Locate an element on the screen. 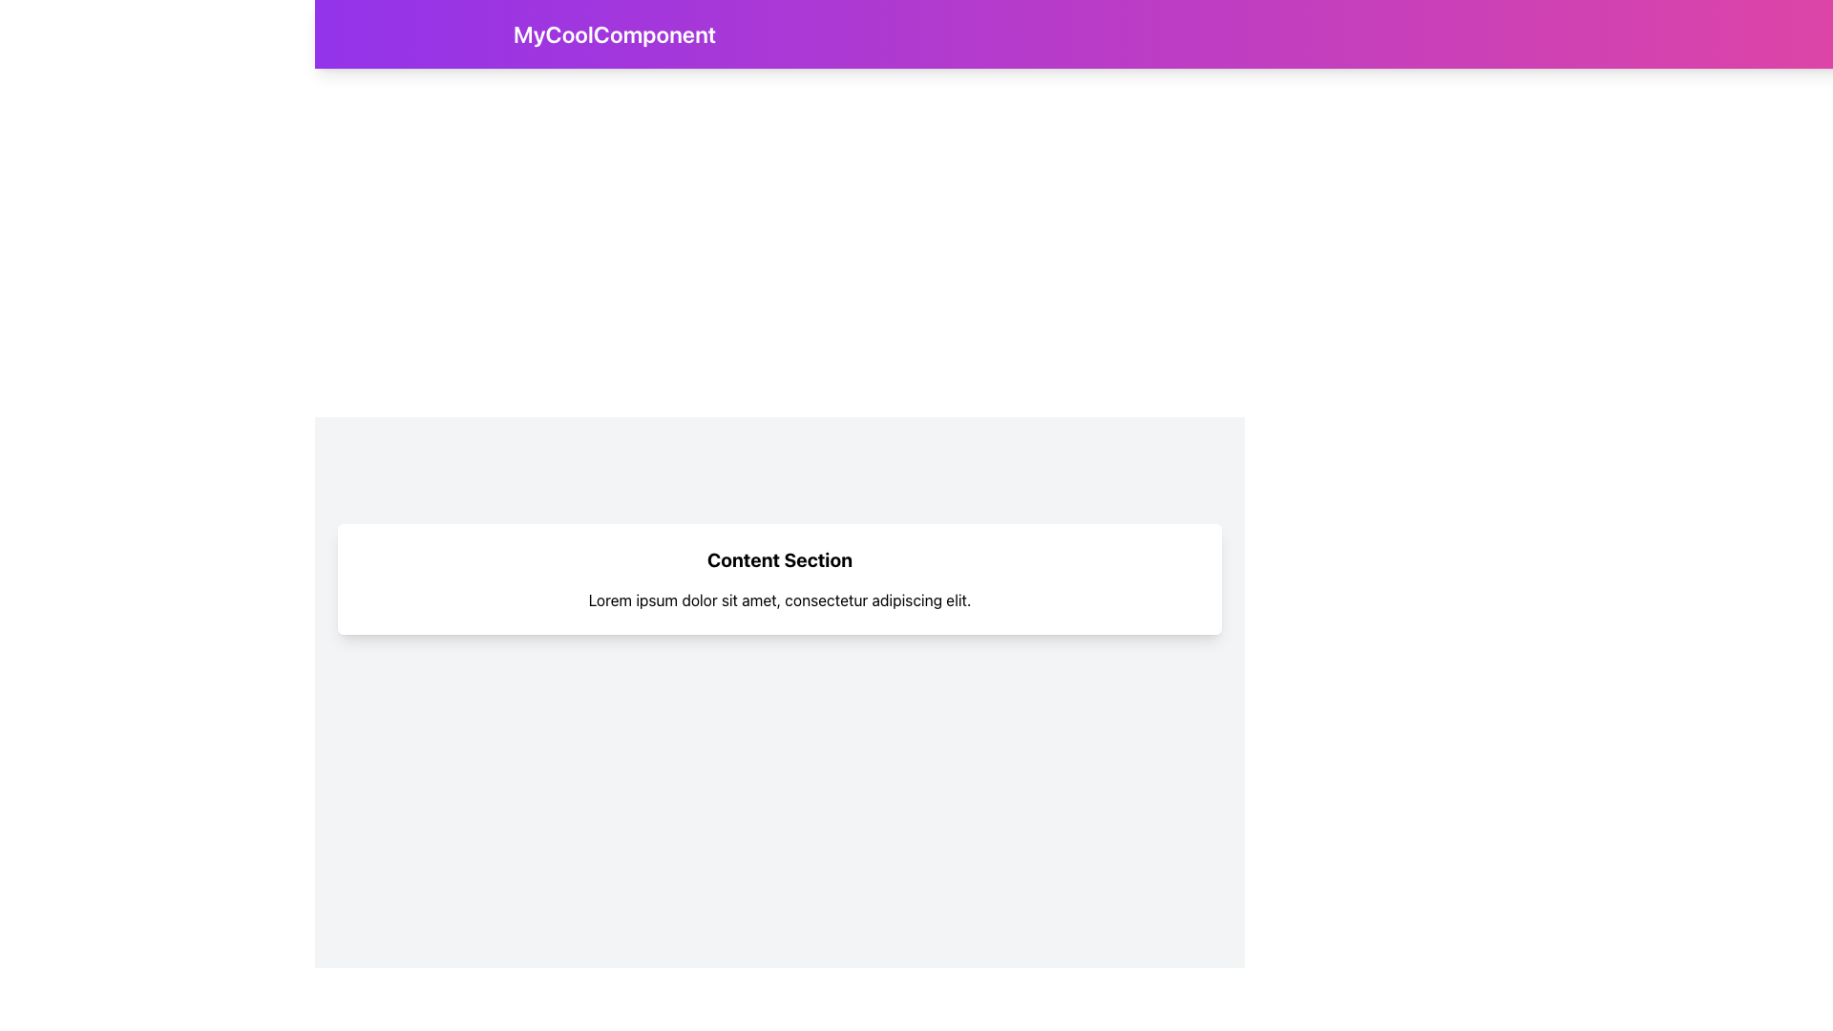  the bold text label reading 'Content Section', which is prominently displayed at the top of a section with a white background is located at coordinates (779, 558).